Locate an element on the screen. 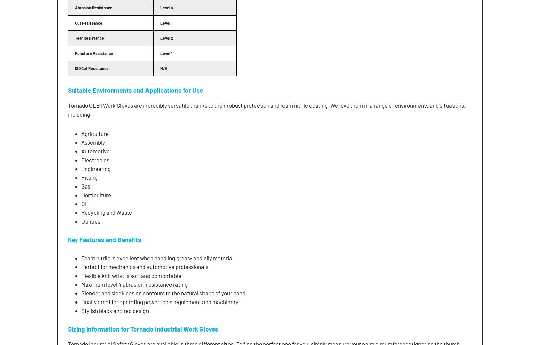 This screenshot has height=345, width=540. 'Automotive' is located at coordinates (96, 150).